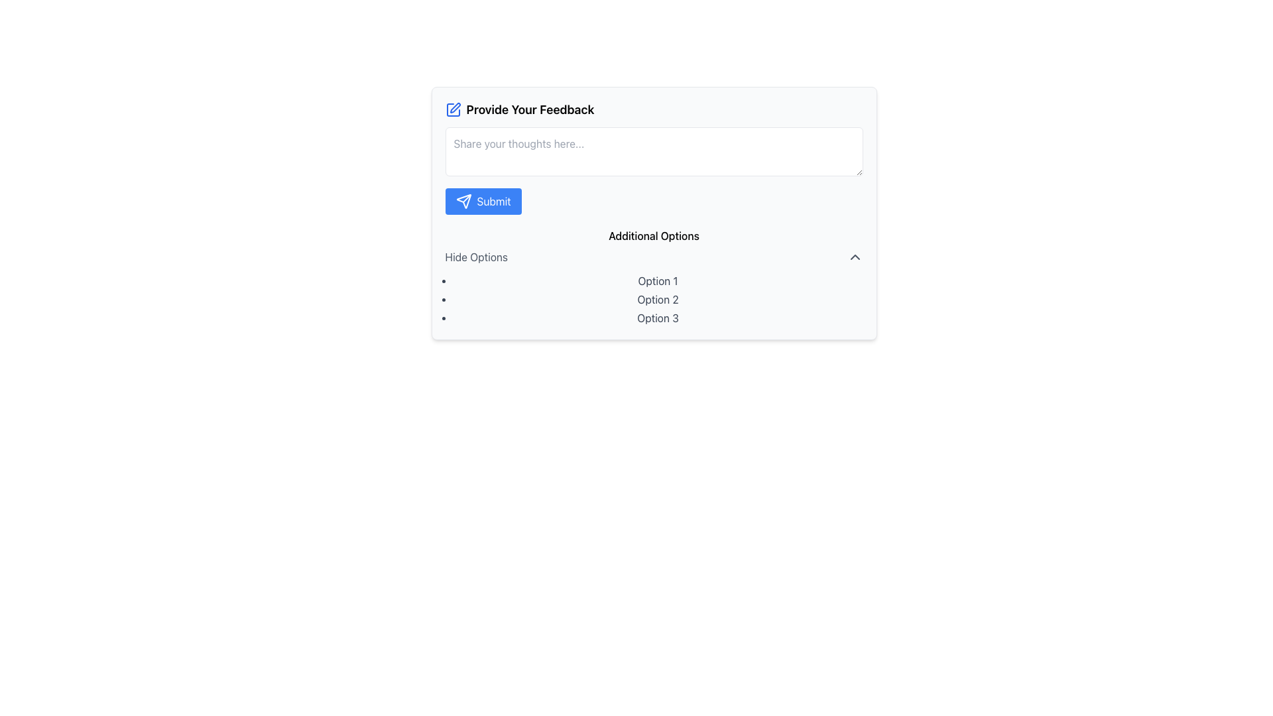 This screenshot has height=716, width=1273. Describe the element at coordinates (658, 299) in the screenshot. I see `the second item in the list under the 'Hide Options' section to change its color` at that location.